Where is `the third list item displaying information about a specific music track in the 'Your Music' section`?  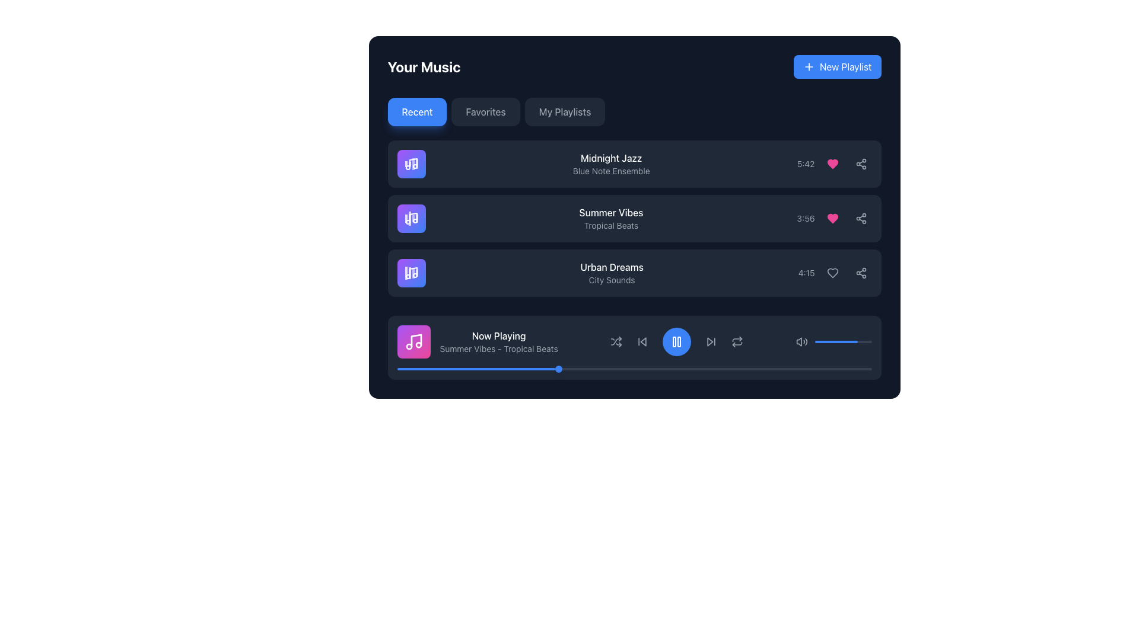
the third list item displaying information about a specific music track in the 'Your Music' section is located at coordinates (634, 273).